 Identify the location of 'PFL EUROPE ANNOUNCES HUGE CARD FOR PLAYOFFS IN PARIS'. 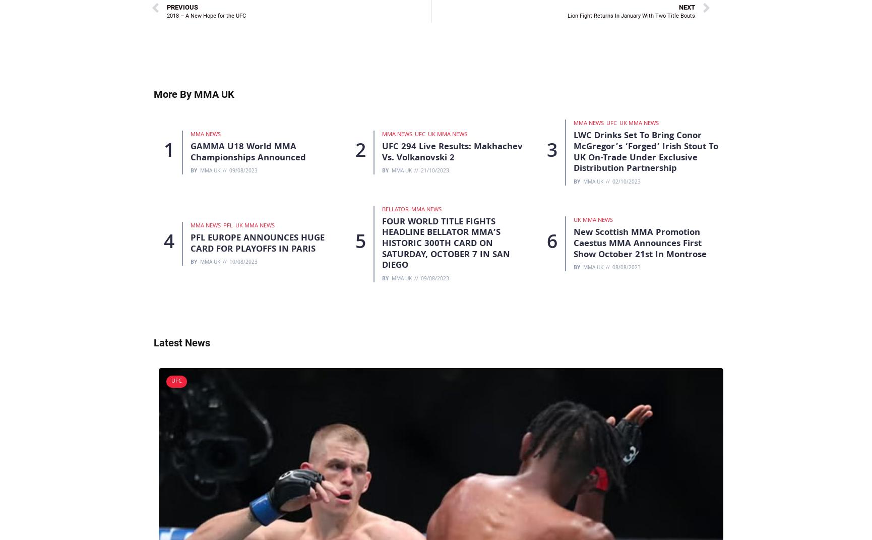
(257, 243).